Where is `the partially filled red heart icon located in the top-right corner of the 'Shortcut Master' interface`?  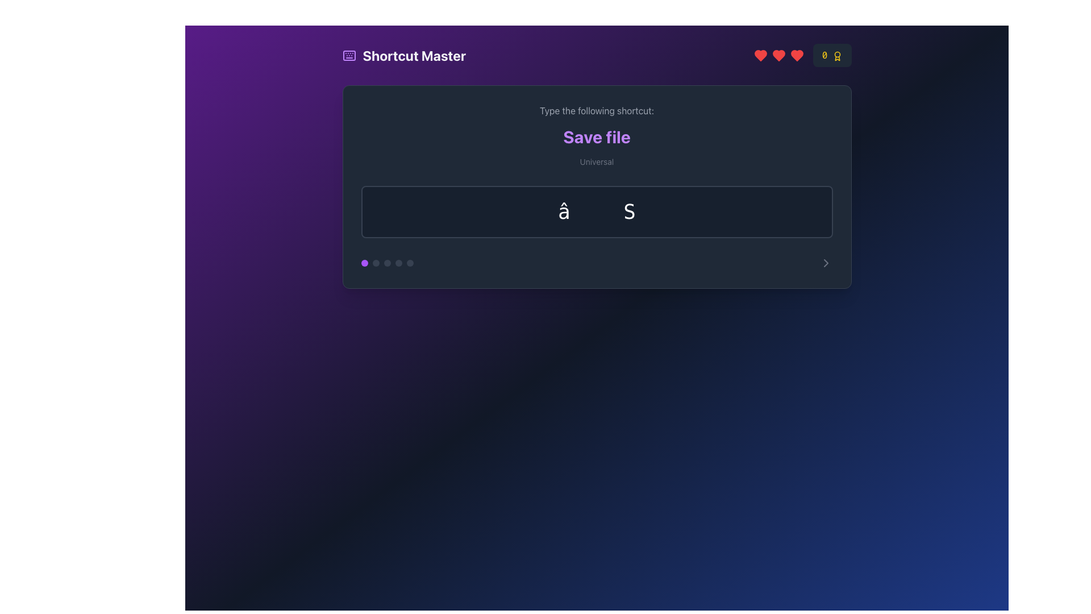
the partially filled red heart icon located in the top-right corner of the 'Shortcut Master' interface is located at coordinates (802, 55).